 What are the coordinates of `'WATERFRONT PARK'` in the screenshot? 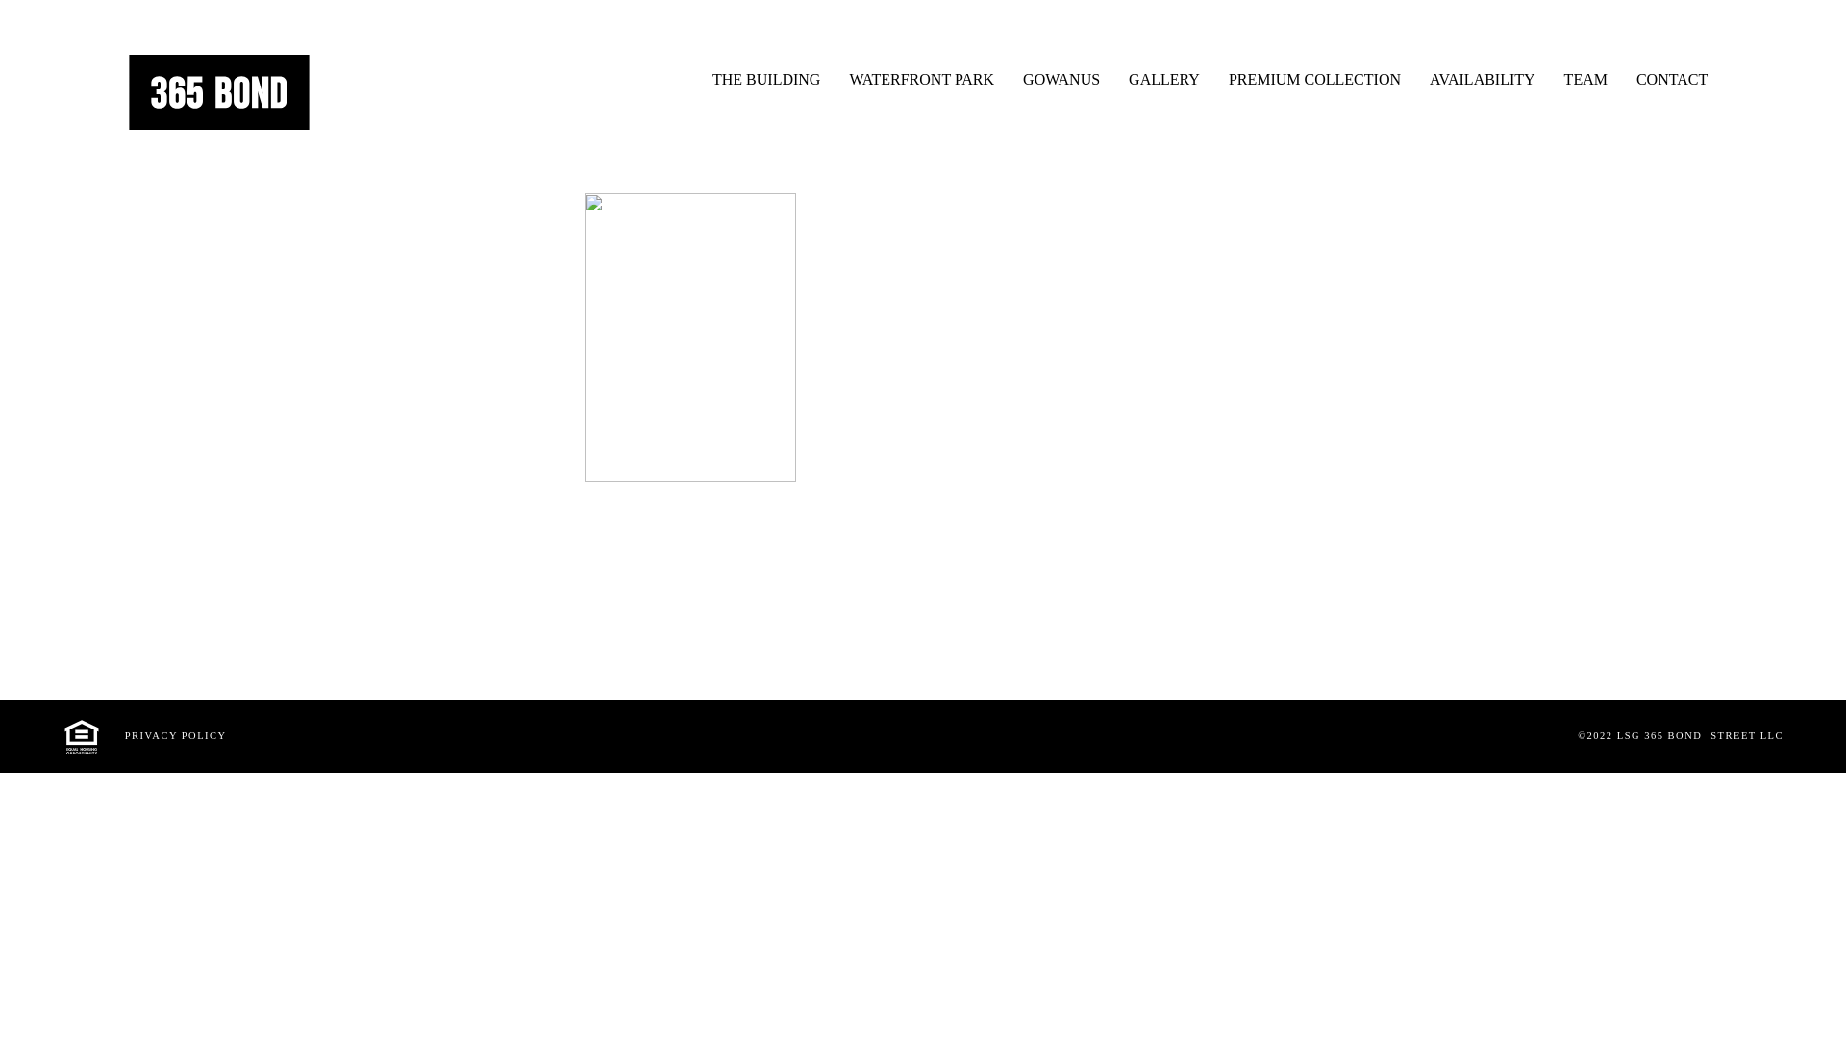 It's located at (920, 73).